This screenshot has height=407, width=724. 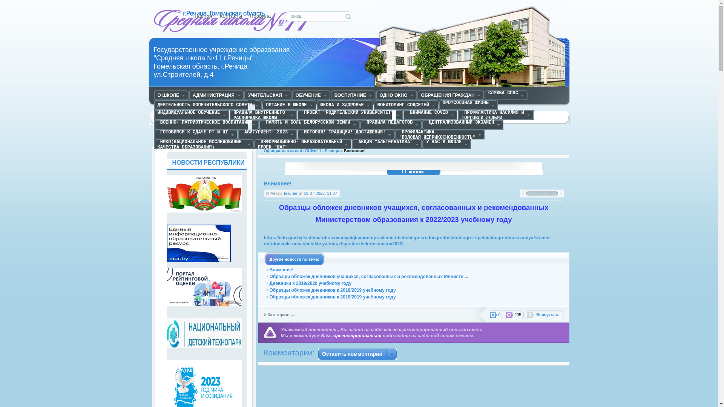 I want to click on '19-07-2022, 11:07', so click(x=320, y=193).